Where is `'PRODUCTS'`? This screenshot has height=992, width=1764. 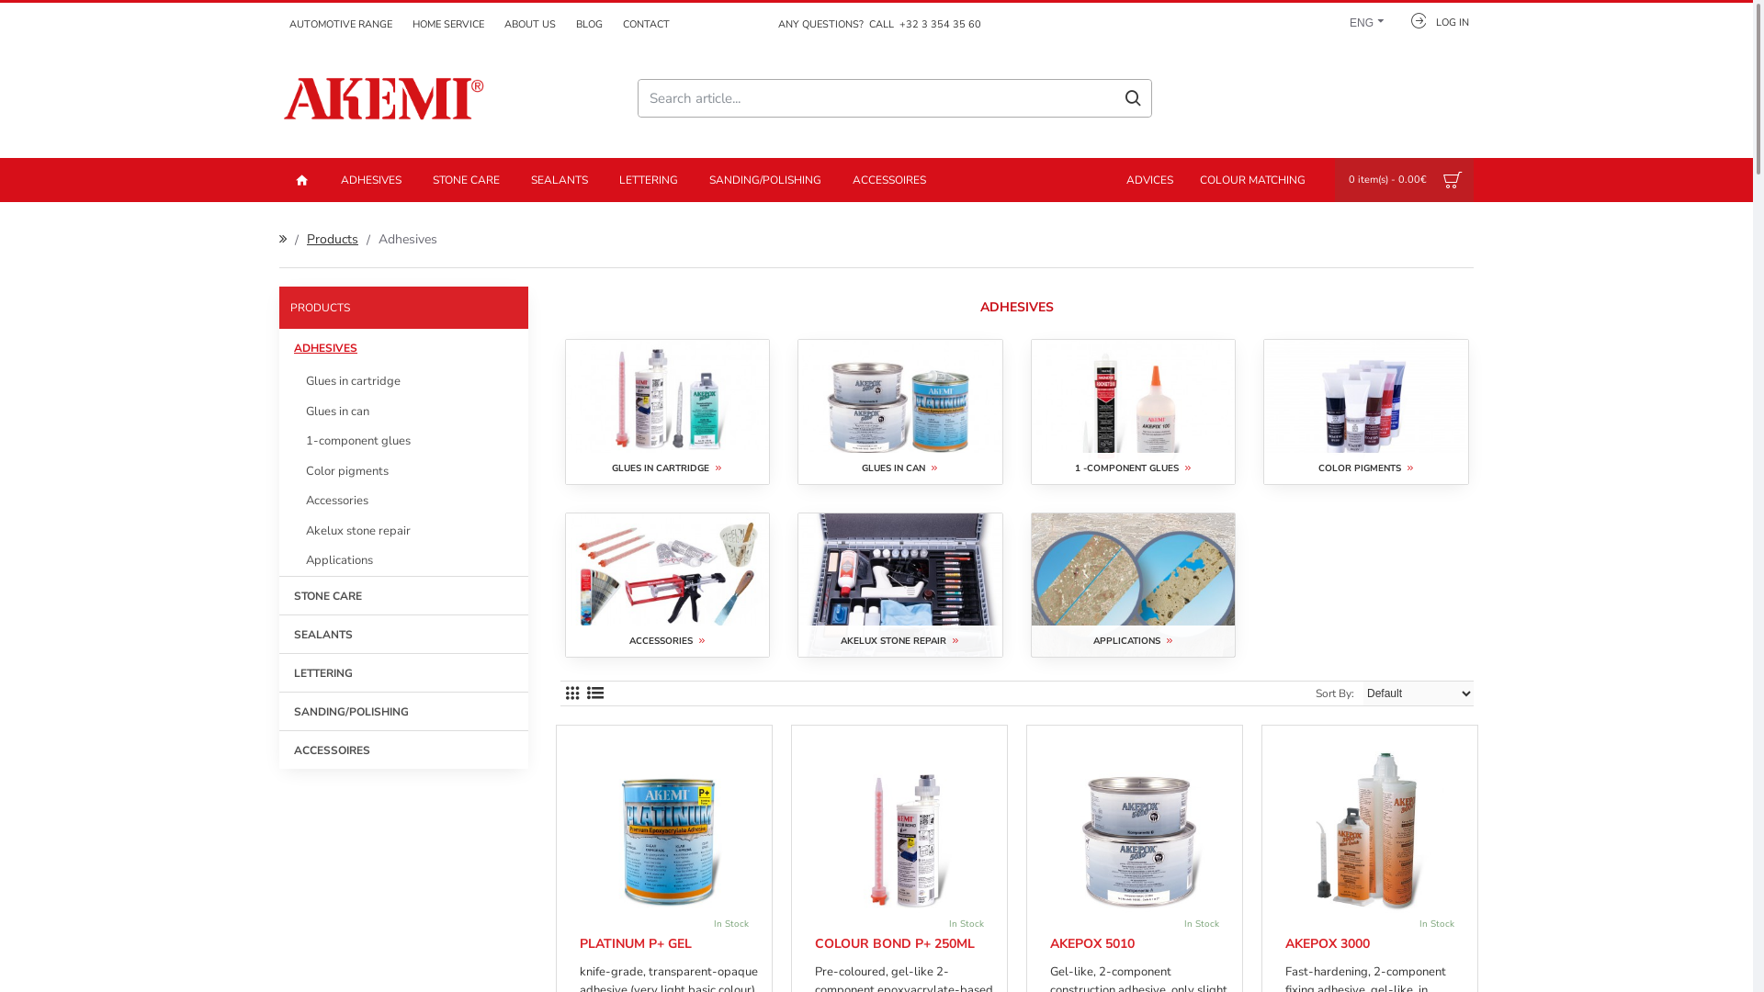
'PRODUCTS' is located at coordinates (402, 307).